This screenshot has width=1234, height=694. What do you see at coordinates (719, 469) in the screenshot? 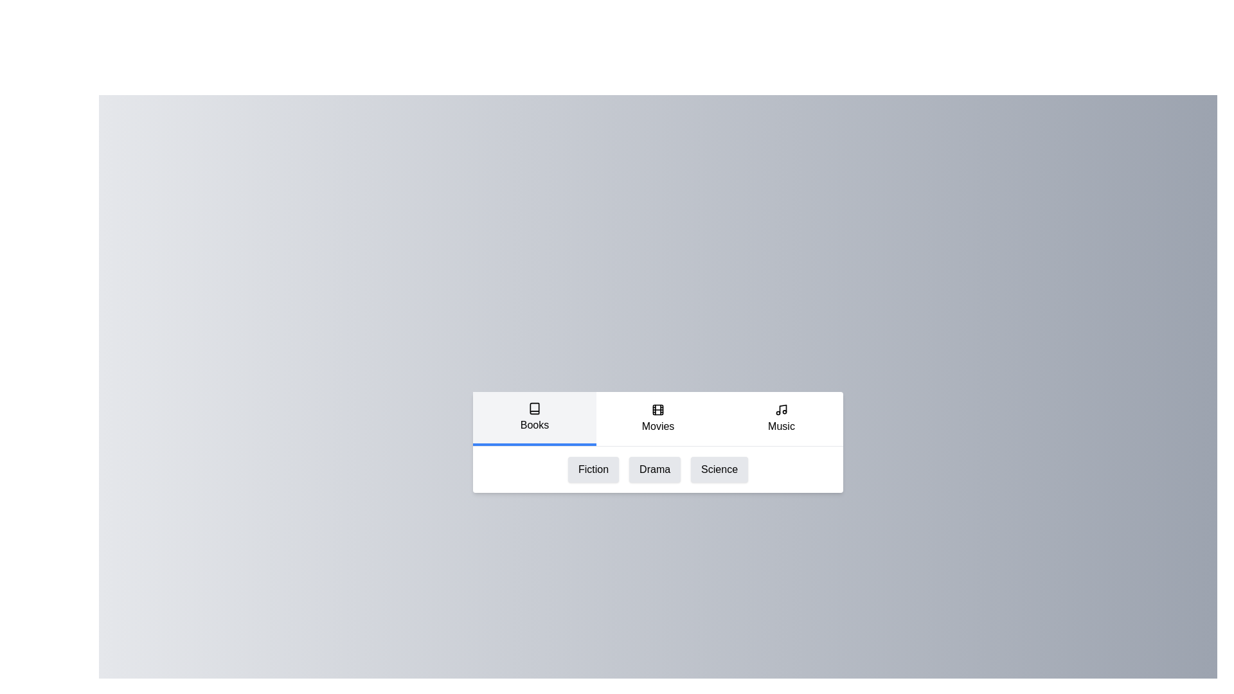
I see `the 'Science' button in the content area` at bounding box center [719, 469].